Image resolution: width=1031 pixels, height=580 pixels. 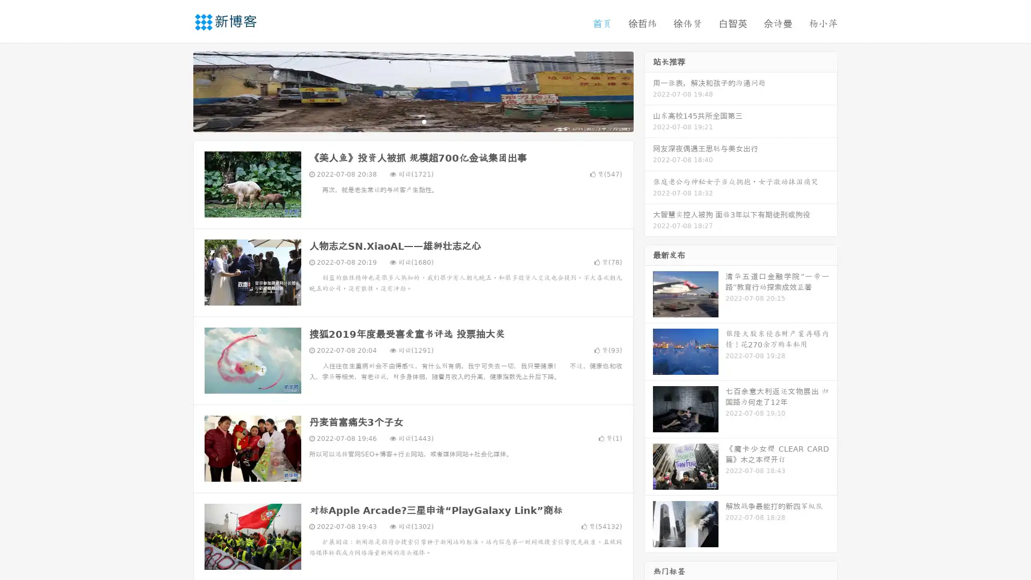 What do you see at coordinates (649, 90) in the screenshot?
I see `Next slide` at bounding box center [649, 90].